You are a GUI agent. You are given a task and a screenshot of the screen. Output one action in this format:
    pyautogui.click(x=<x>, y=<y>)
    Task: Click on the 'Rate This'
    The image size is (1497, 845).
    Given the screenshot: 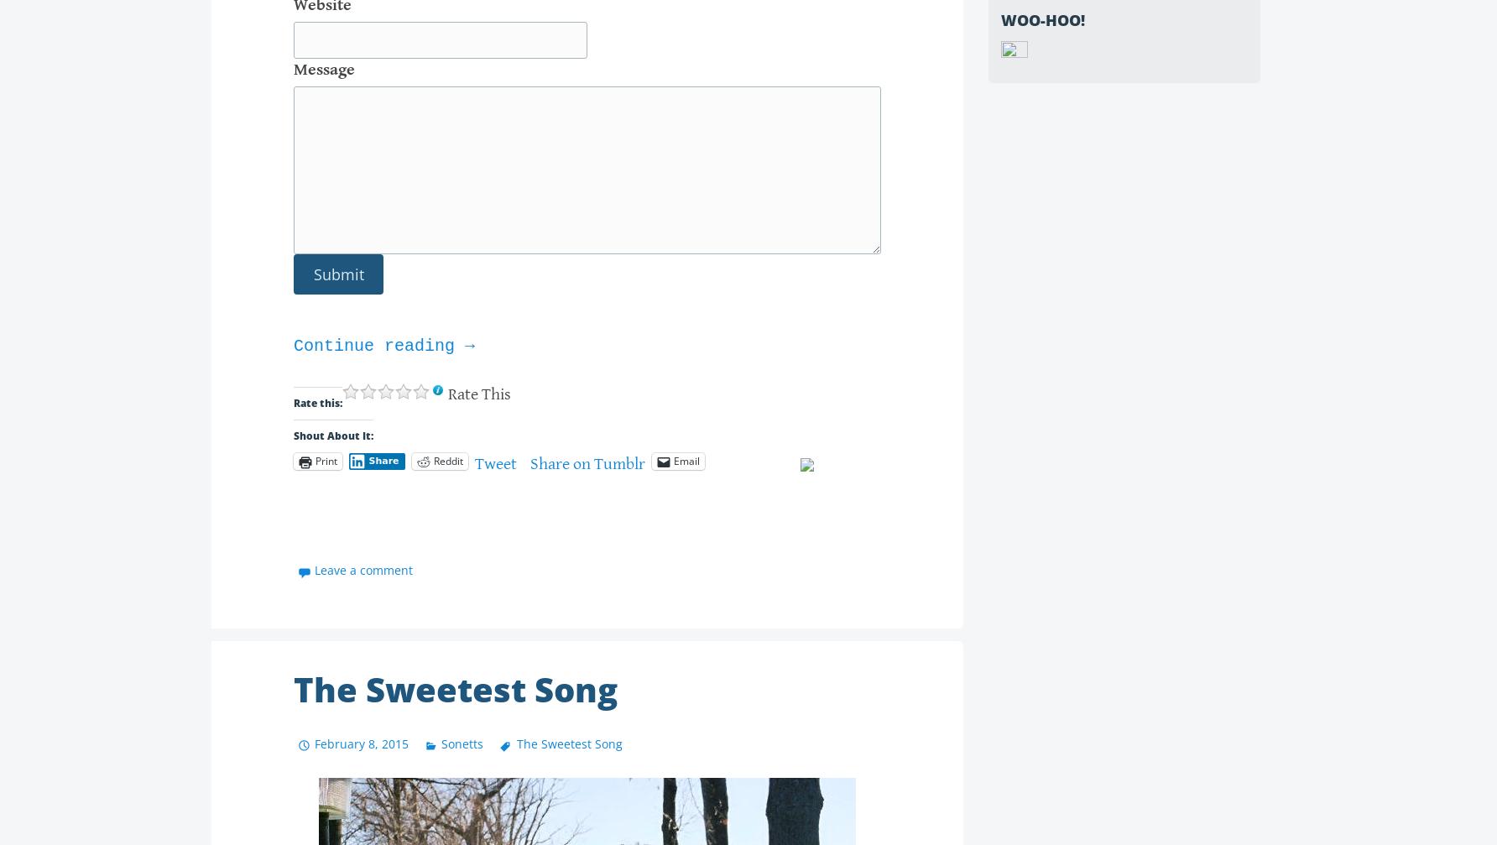 What is the action you would take?
    pyautogui.click(x=478, y=394)
    